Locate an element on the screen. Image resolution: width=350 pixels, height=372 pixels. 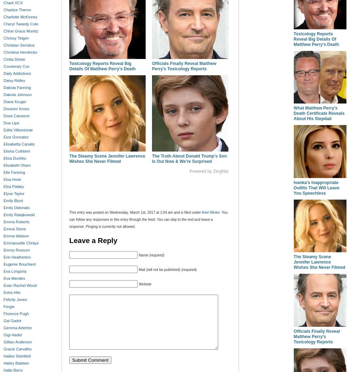
'This entry was posted
												on Wednesday, March 1st, 2017 at 1:04 am						and is filed under' is located at coordinates (135, 212).